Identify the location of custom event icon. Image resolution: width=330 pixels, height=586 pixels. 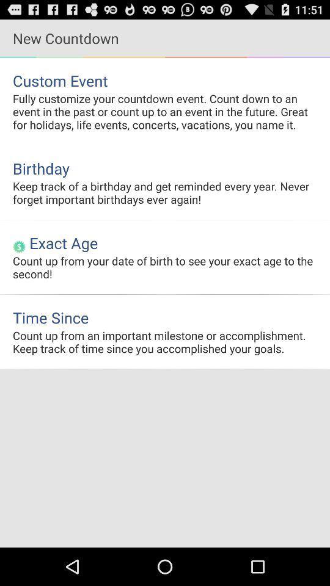
(165, 80).